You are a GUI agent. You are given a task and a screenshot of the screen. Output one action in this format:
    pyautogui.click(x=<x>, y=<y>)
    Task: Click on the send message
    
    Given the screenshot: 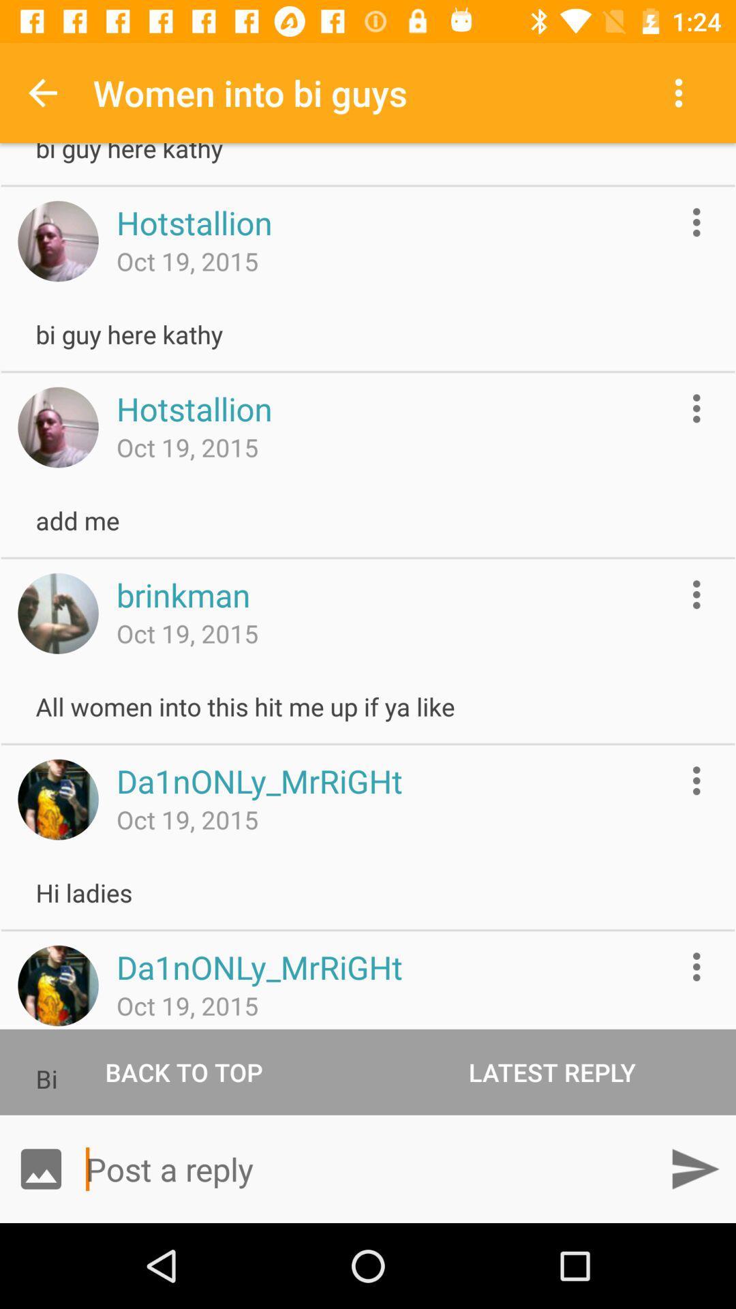 What is the action you would take?
    pyautogui.click(x=694, y=1168)
    